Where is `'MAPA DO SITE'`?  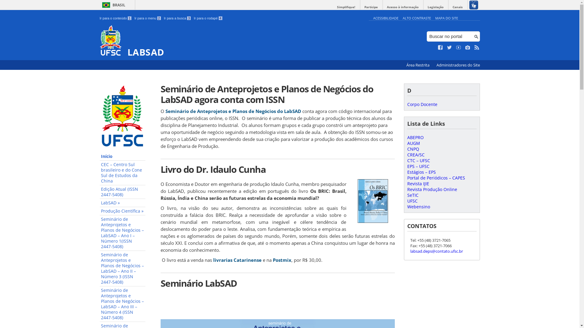 'MAPA DO SITE' is located at coordinates (446, 18).